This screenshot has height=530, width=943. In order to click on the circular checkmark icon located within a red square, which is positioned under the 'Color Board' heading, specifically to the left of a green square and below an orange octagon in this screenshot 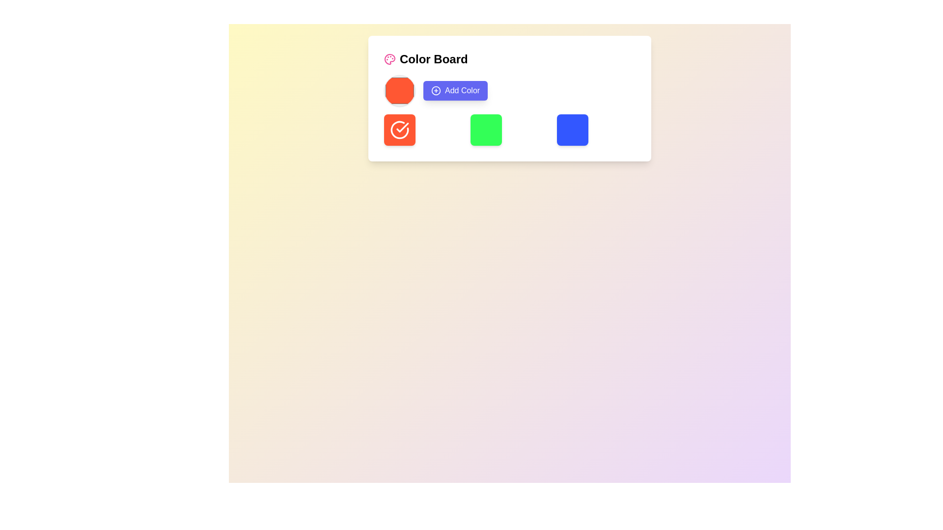, I will do `click(400, 130)`.